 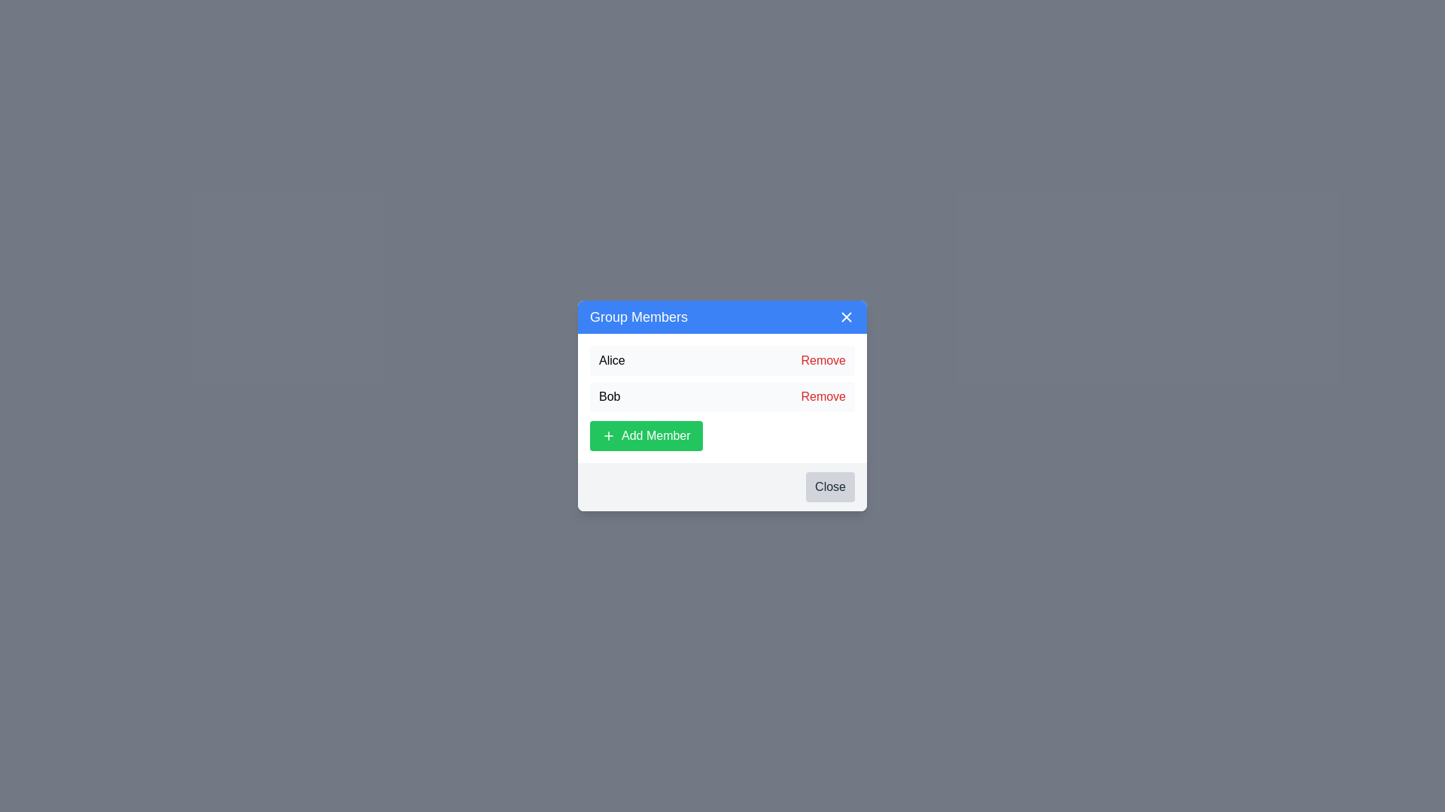 What do you see at coordinates (646, 435) in the screenshot?
I see `the green rectangular button labeled 'Add Member' with a '+' icon to initiate adding a new member` at bounding box center [646, 435].